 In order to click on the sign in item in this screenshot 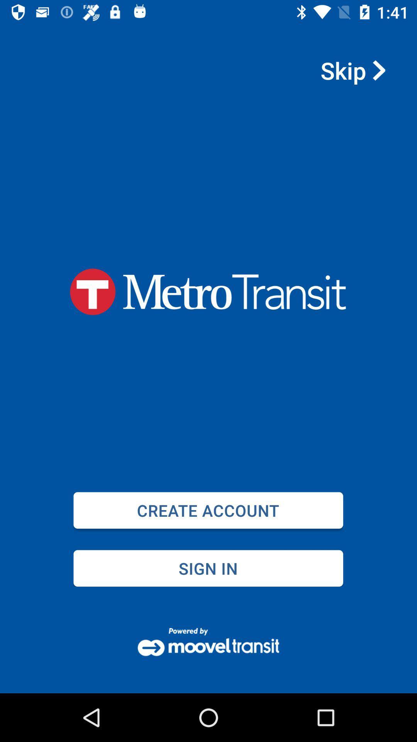, I will do `click(208, 568)`.